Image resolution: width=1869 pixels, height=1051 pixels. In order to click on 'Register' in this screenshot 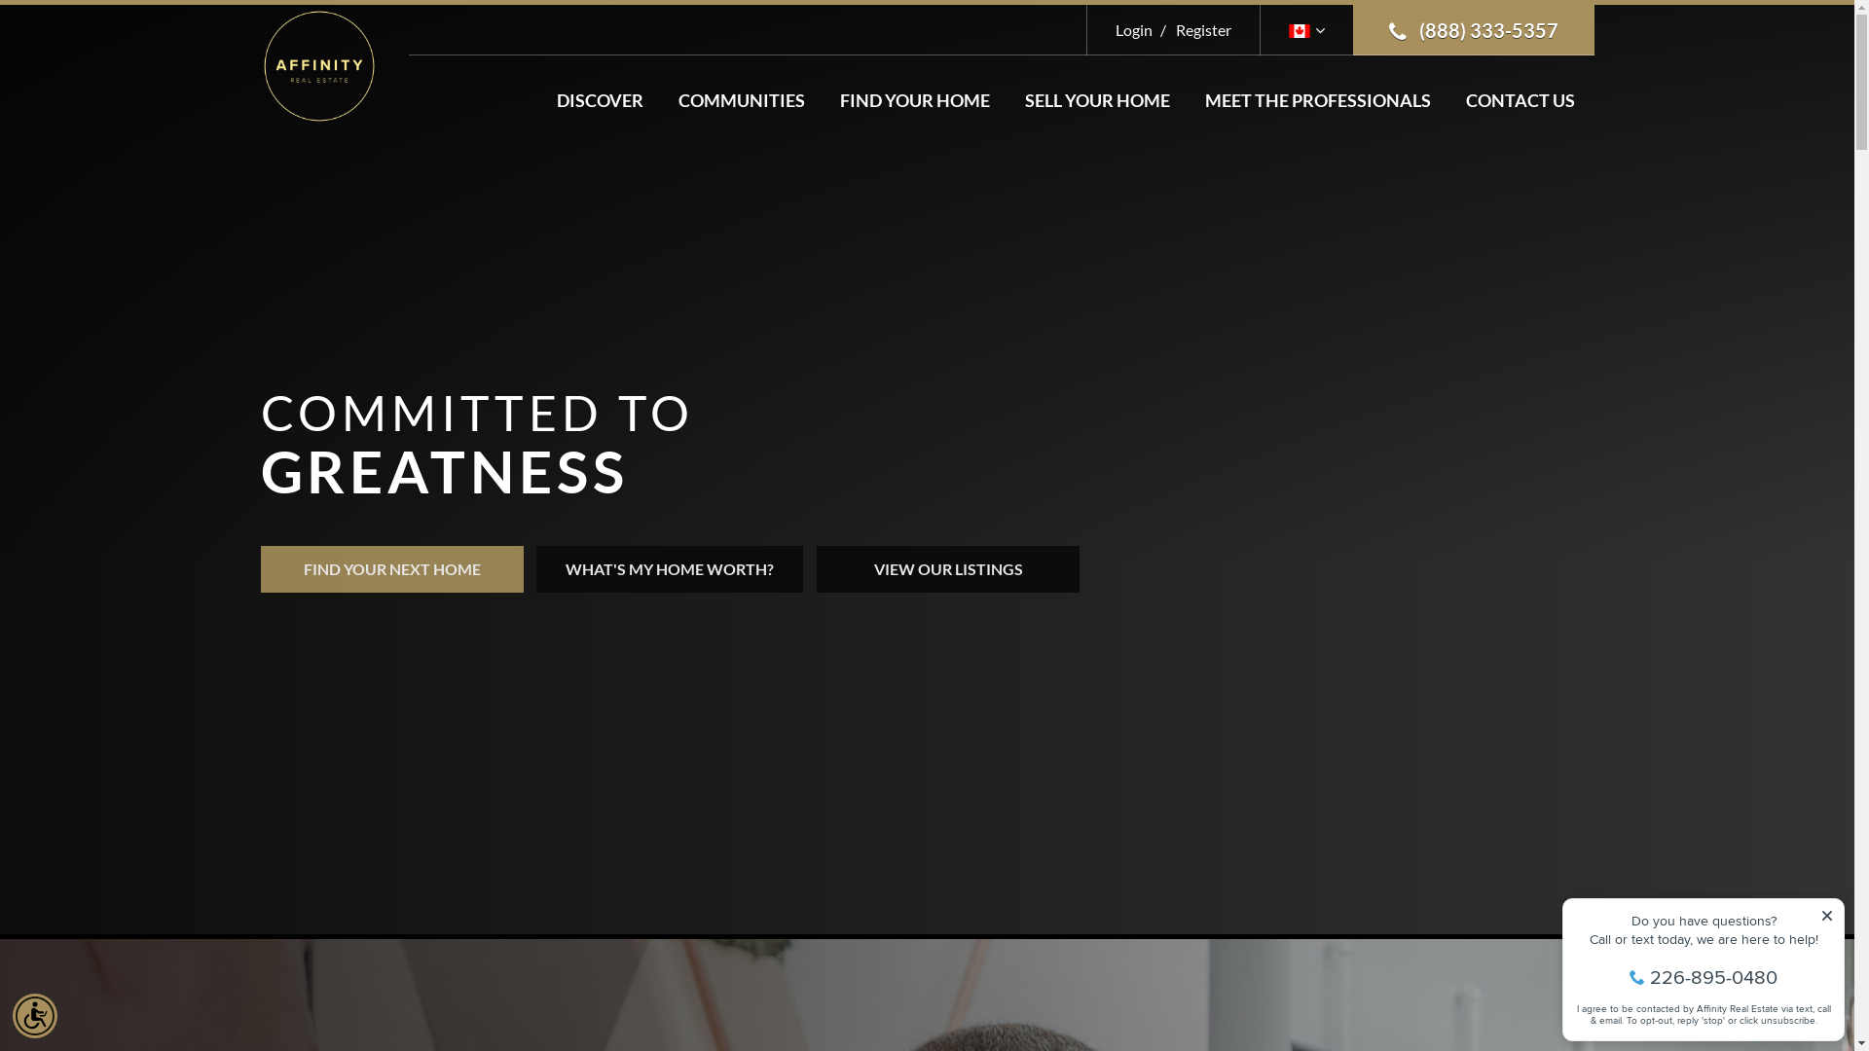, I will do `click(1154, 29)`.